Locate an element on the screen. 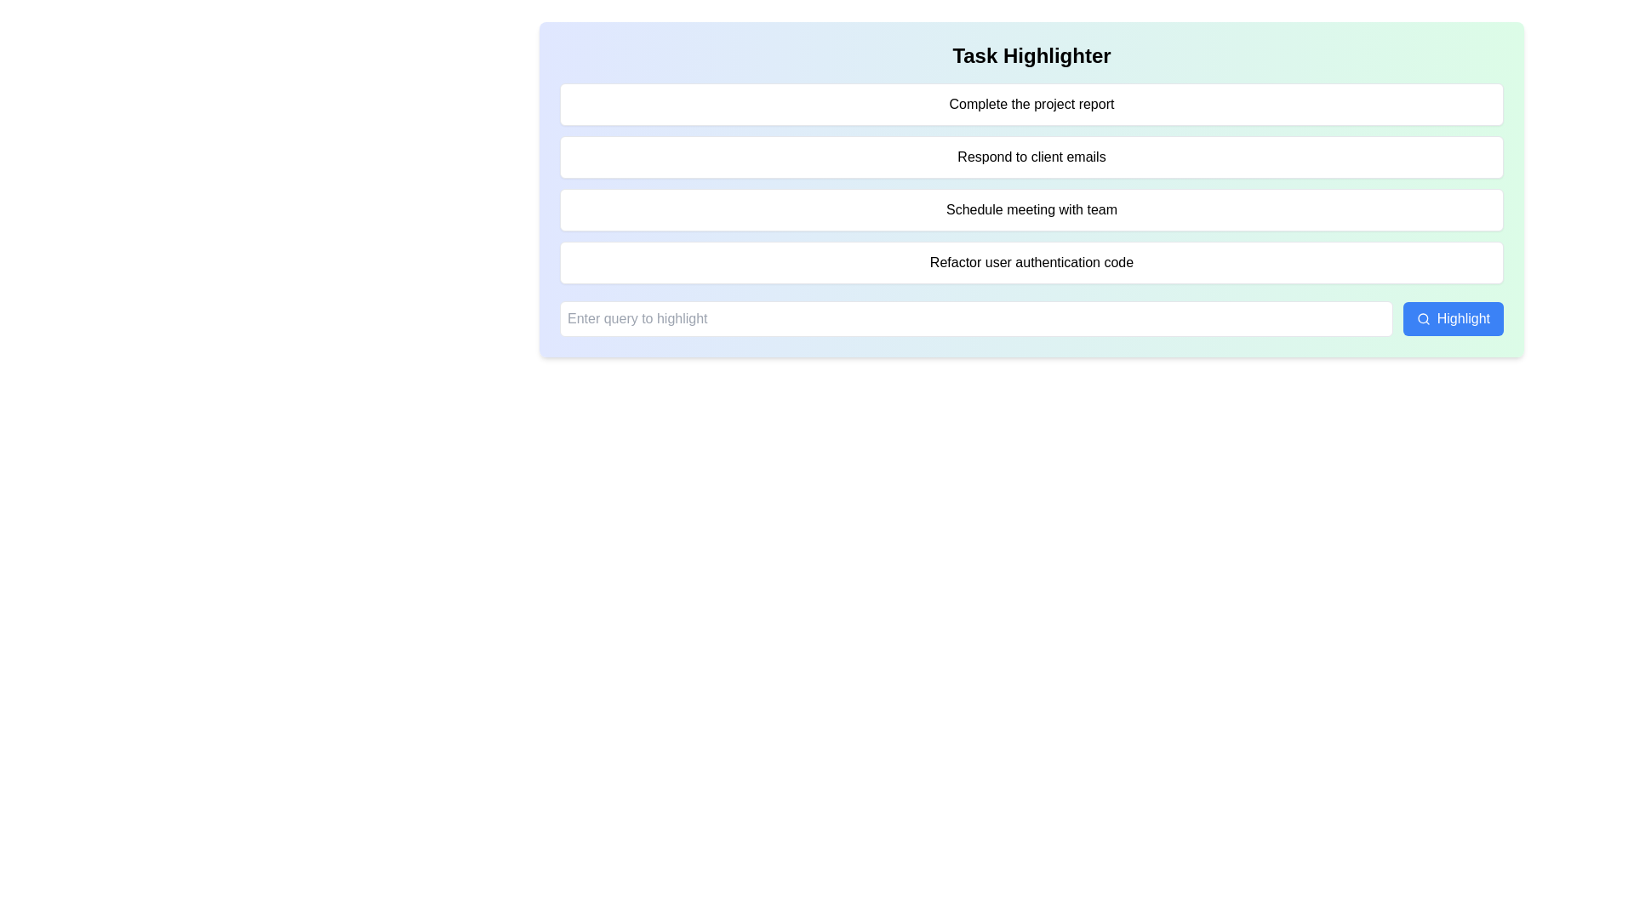 Image resolution: width=1634 pixels, height=919 pixels. the search icon adjacent to the 'Highlight' button at the bottom right of the task card is located at coordinates (1423, 318).